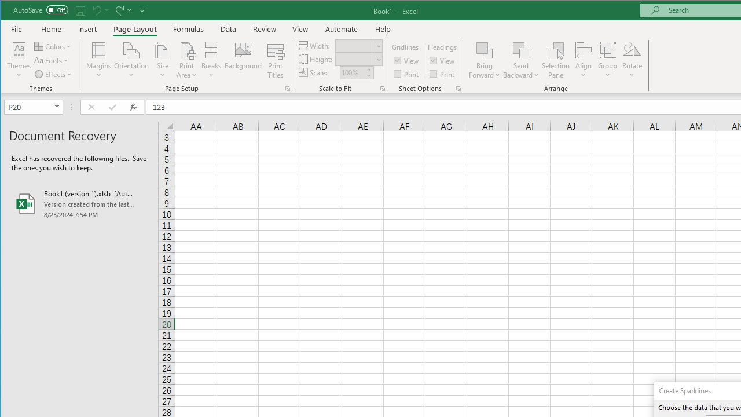 The width and height of the screenshot is (741, 417). What do you see at coordinates (53, 46) in the screenshot?
I see `'Colors'` at bounding box center [53, 46].